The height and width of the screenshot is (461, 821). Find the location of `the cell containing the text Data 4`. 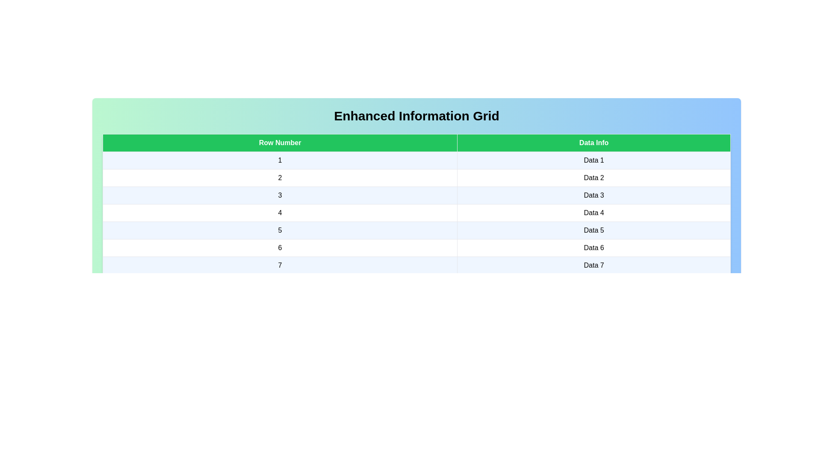

the cell containing the text Data 4 is located at coordinates (594, 212).